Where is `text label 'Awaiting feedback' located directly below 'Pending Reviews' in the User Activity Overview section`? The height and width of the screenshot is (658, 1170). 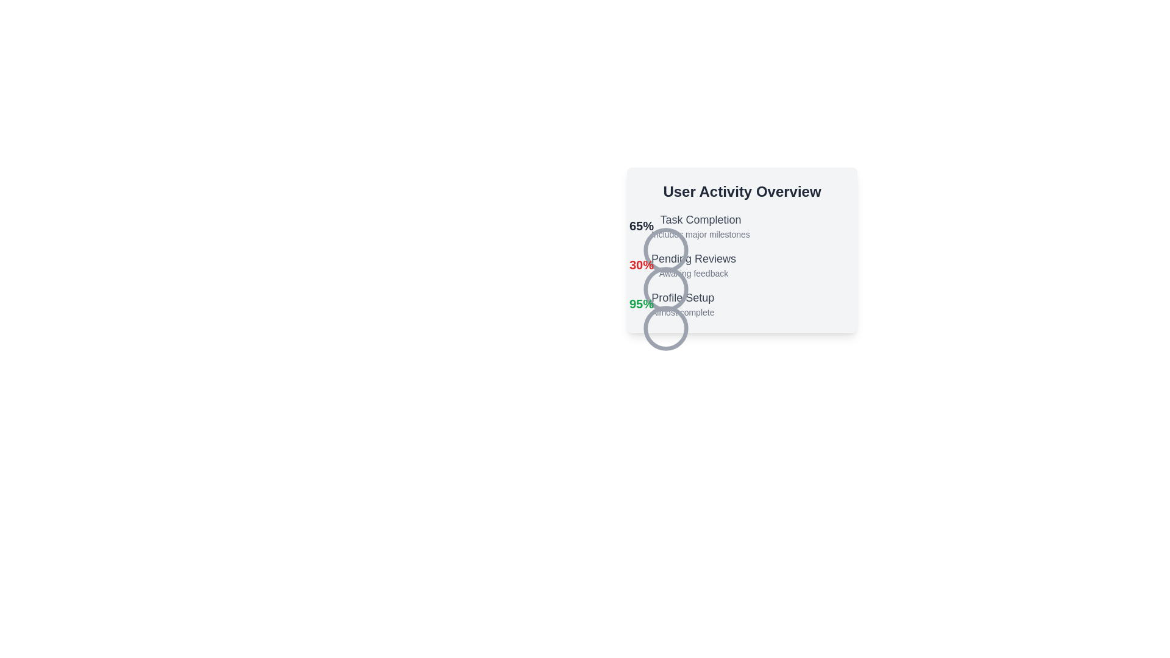 text label 'Awaiting feedback' located directly below 'Pending Reviews' in the User Activity Overview section is located at coordinates (693, 272).